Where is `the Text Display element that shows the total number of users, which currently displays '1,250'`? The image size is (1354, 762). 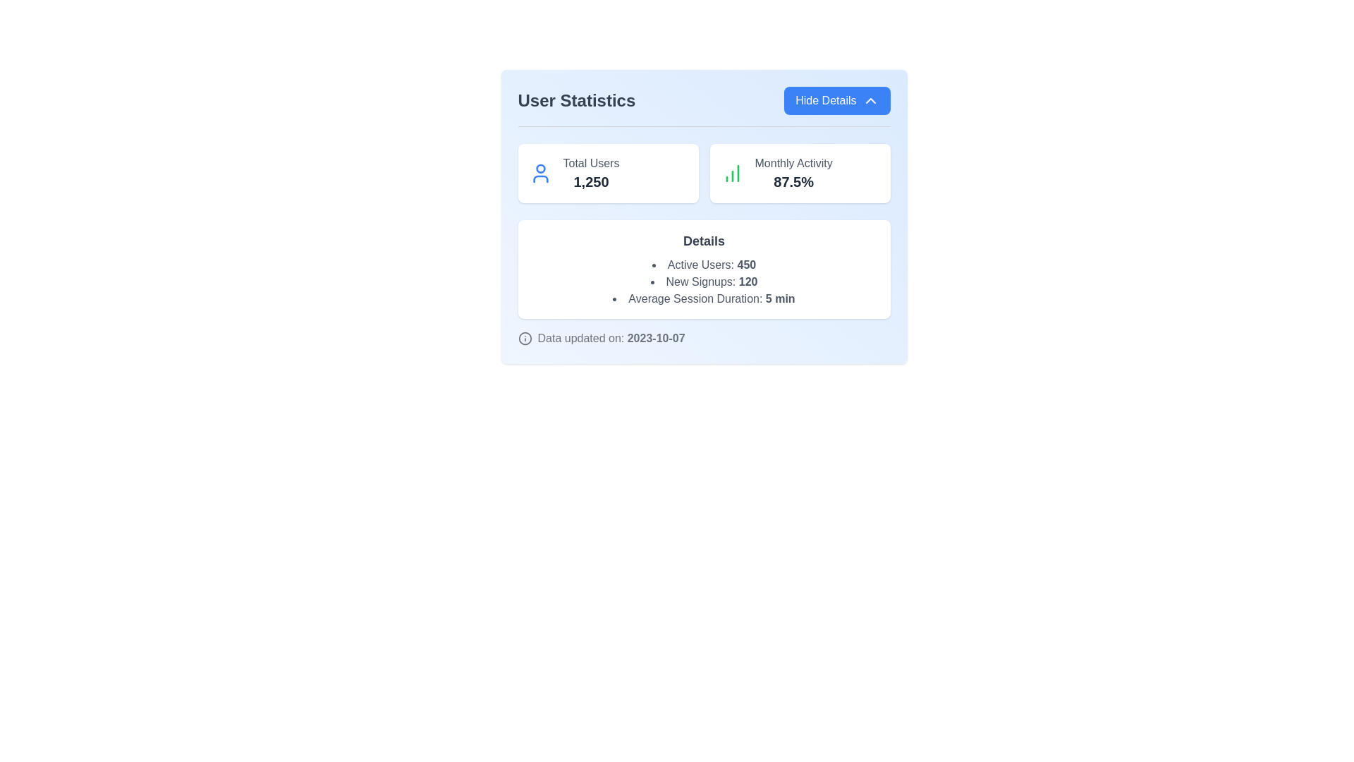
the Text Display element that shows the total number of users, which currently displays '1,250' is located at coordinates (591, 173).